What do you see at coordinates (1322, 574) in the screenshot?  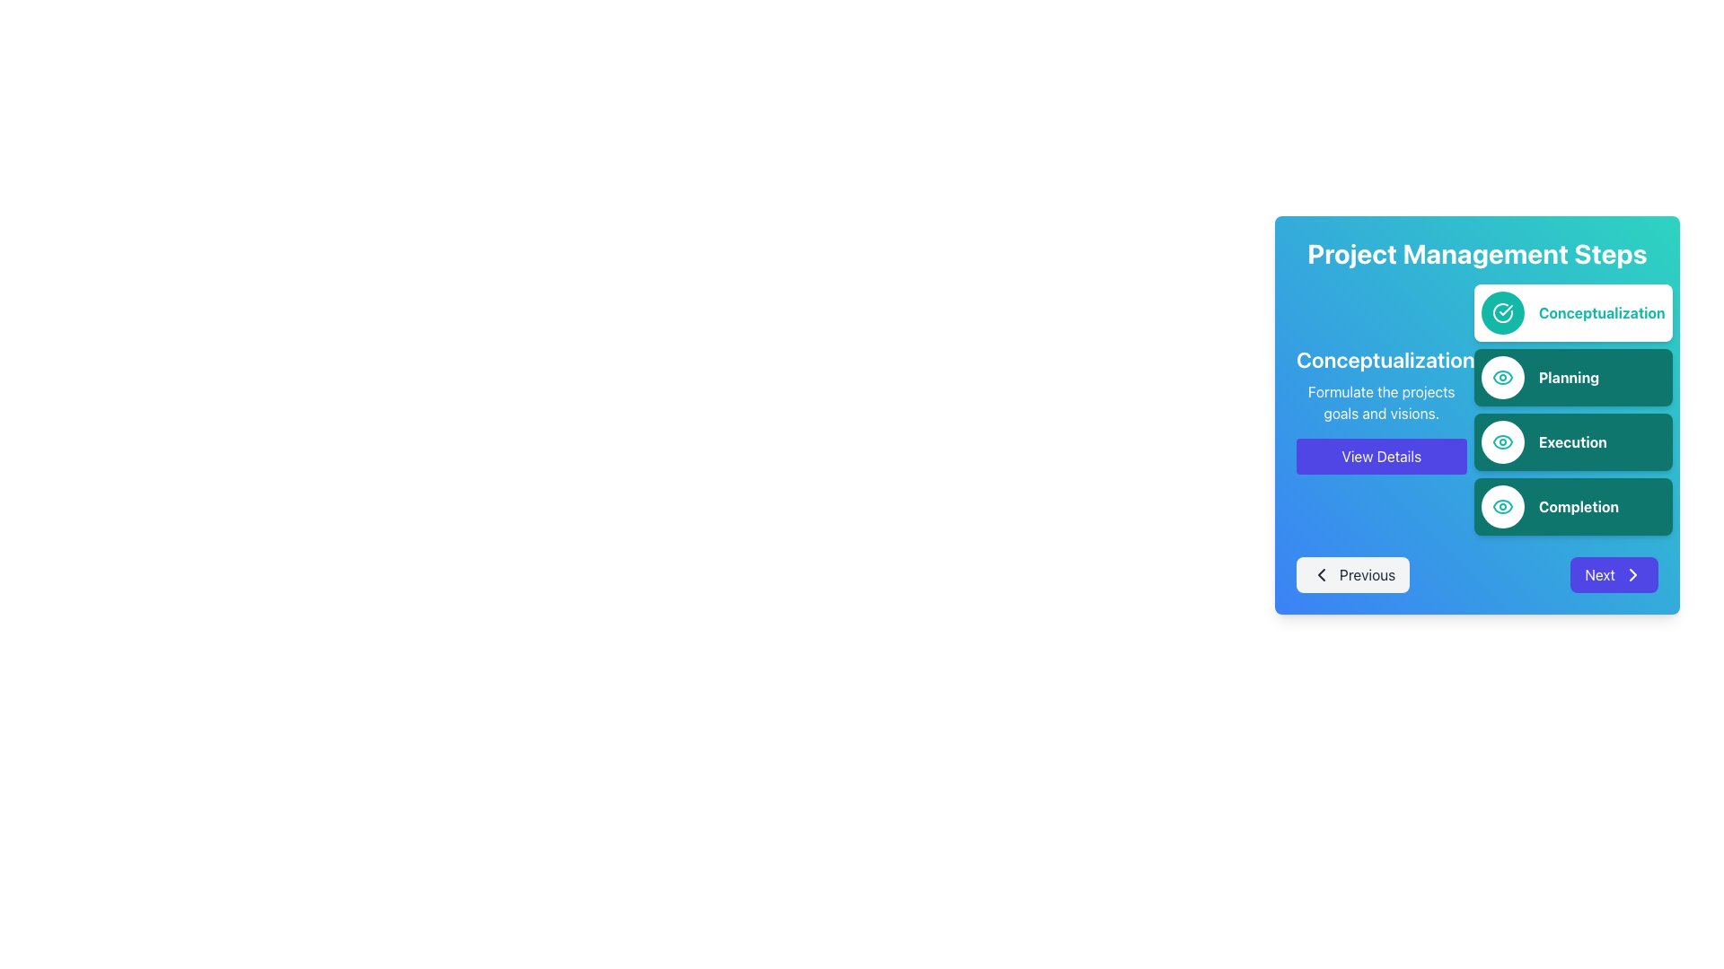 I see `the leftward-pointing chevron arrow icon within the 'Previous' button, which has a light gray background and is located at the bottom-left area of the interface` at bounding box center [1322, 574].